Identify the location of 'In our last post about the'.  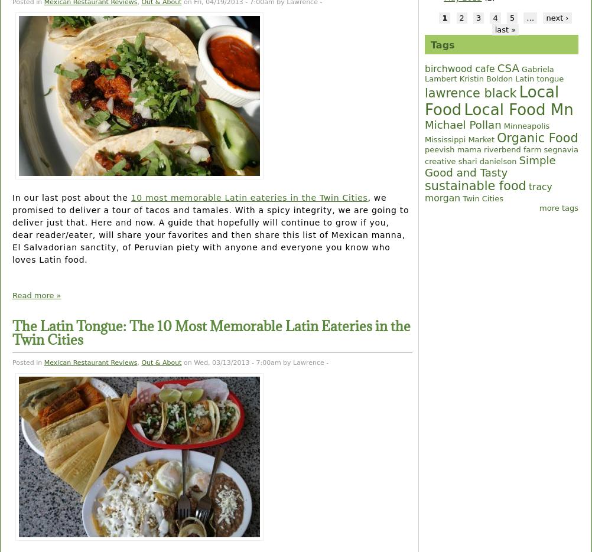
(71, 198).